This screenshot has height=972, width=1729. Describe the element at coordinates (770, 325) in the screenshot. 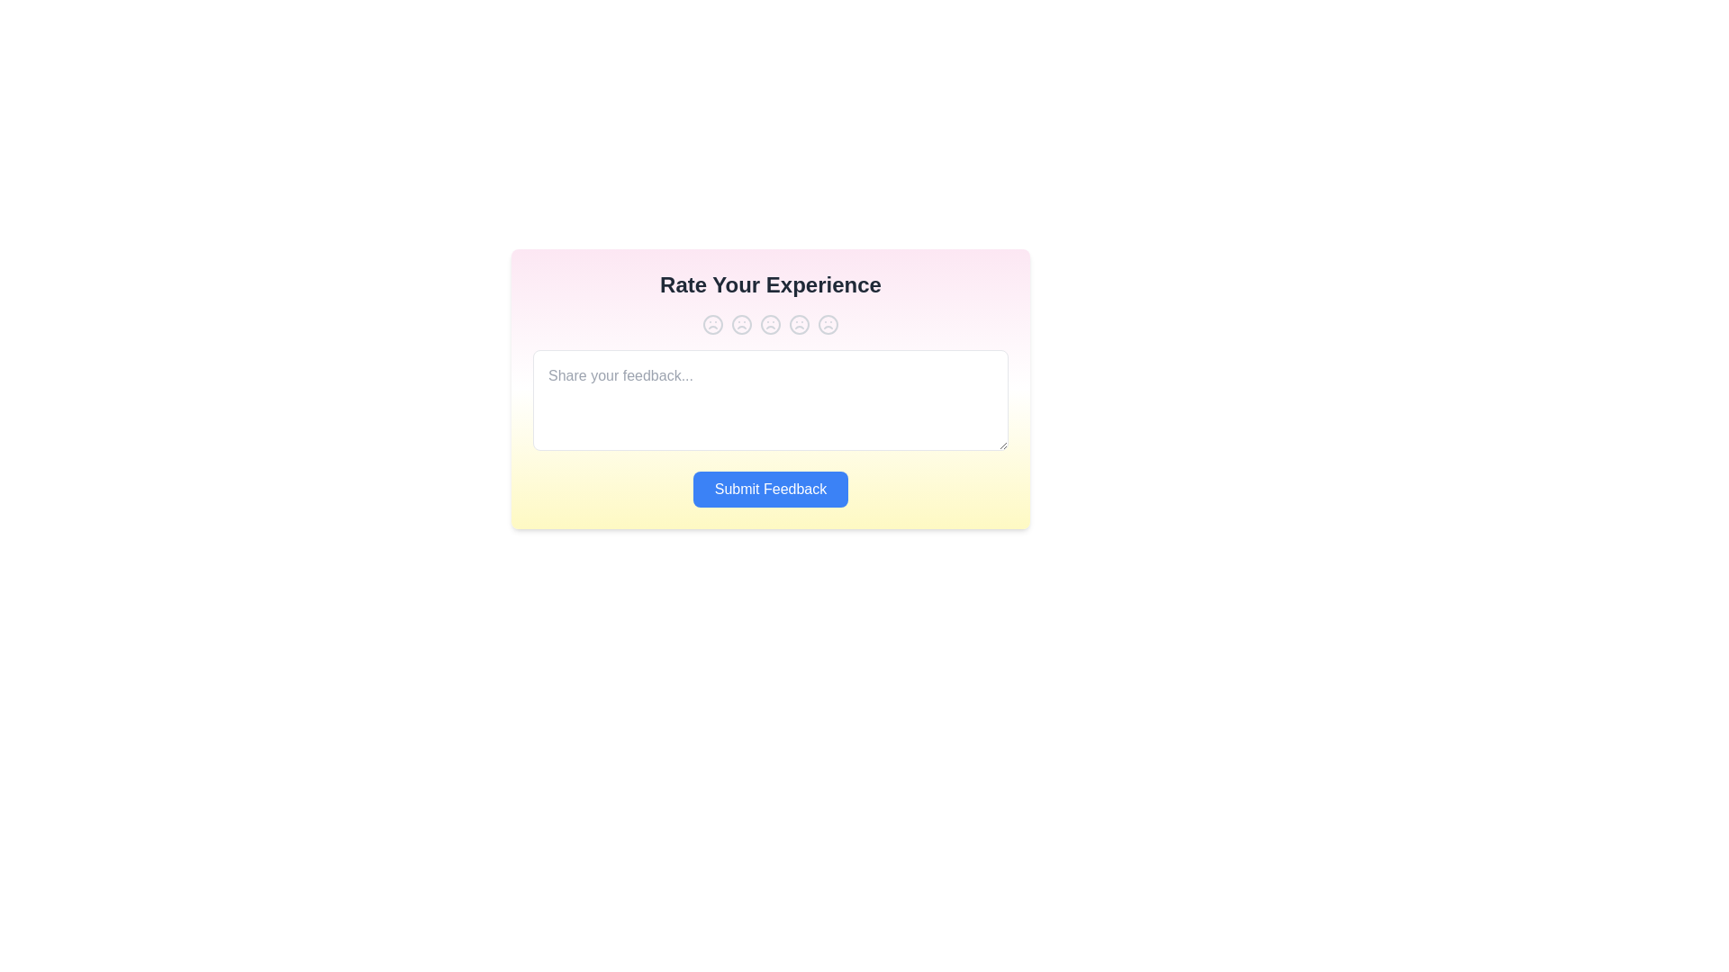

I see `the experience rating to 3 by clicking the corresponding button` at that location.